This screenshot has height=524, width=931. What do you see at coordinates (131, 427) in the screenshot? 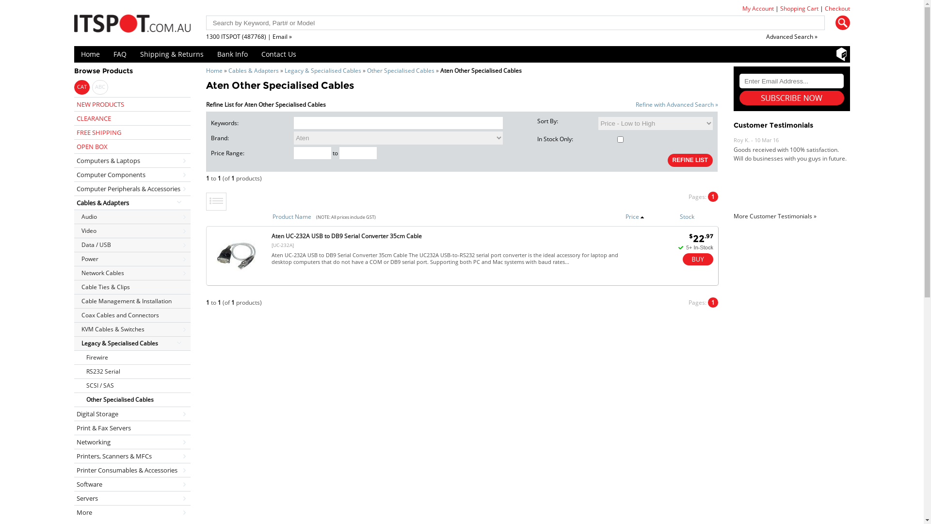
I see `'Print & Fax Servers'` at bounding box center [131, 427].